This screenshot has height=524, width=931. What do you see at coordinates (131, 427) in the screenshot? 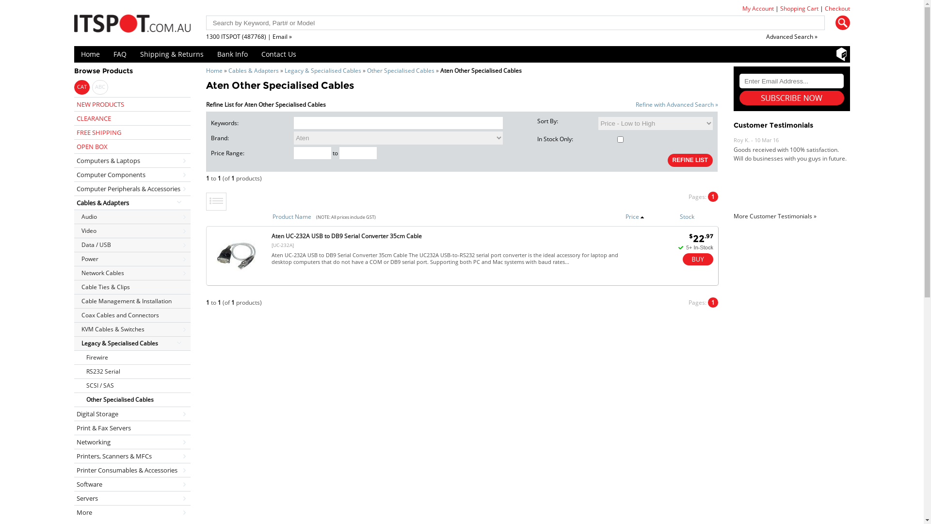
I see `'Print & Fax Servers'` at bounding box center [131, 427].